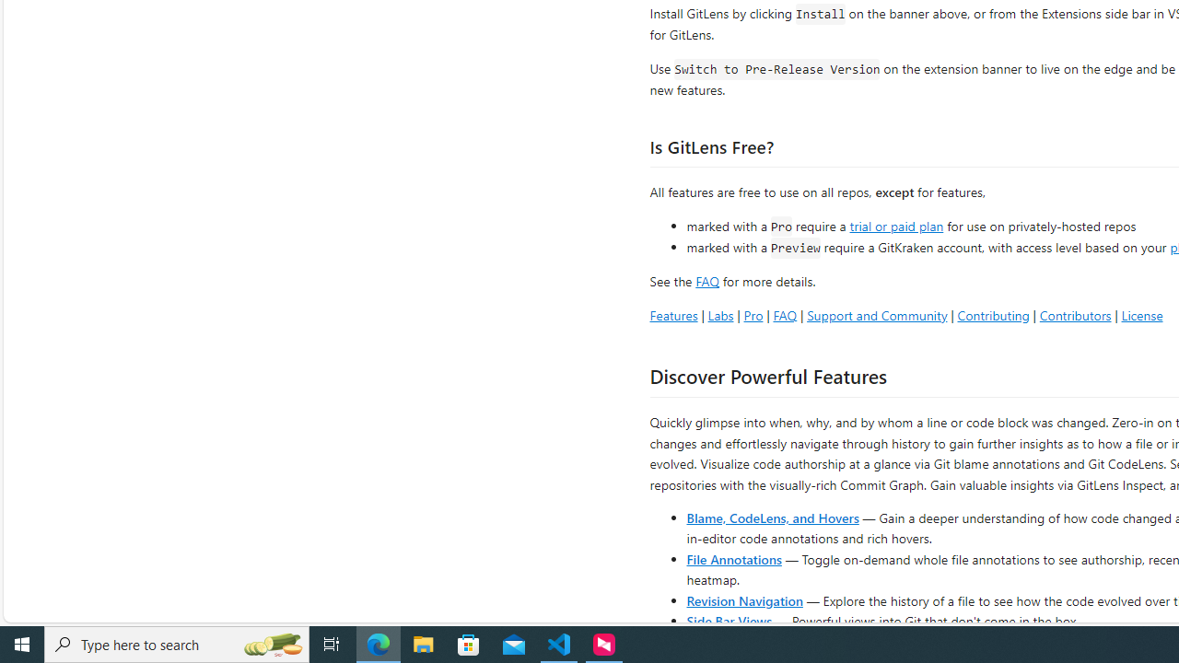 The image size is (1179, 663). Describe the element at coordinates (876, 314) in the screenshot. I see `'Support and Community'` at that location.